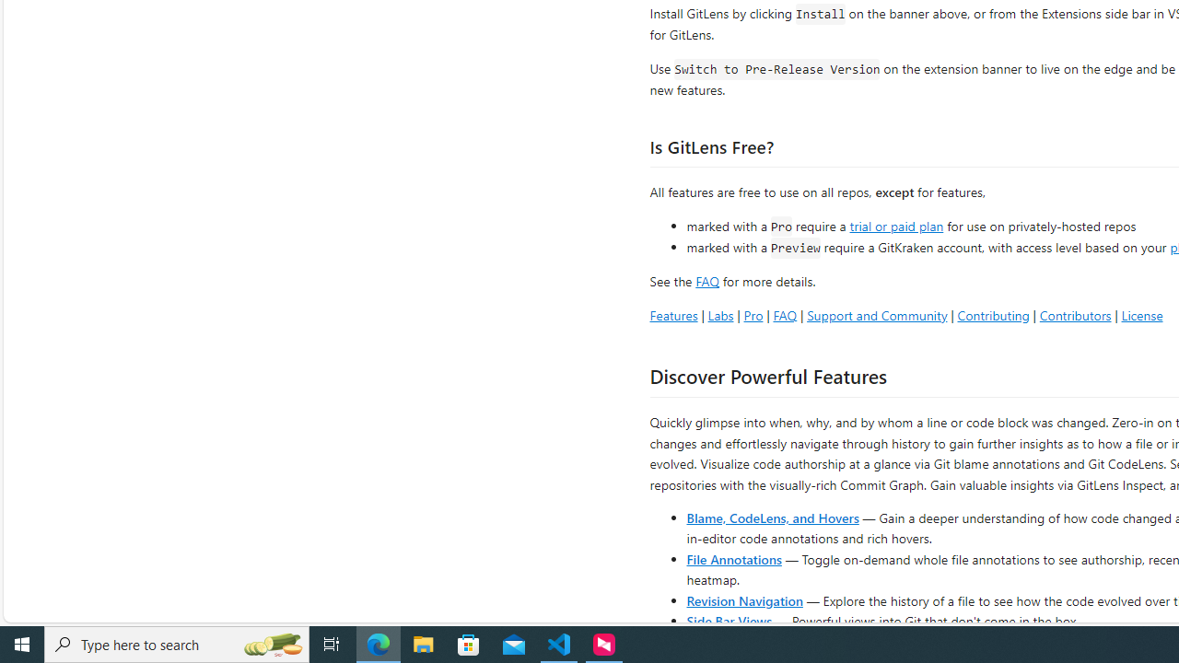 The image size is (1179, 663). Describe the element at coordinates (876, 314) in the screenshot. I see `'Support and Community'` at that location.